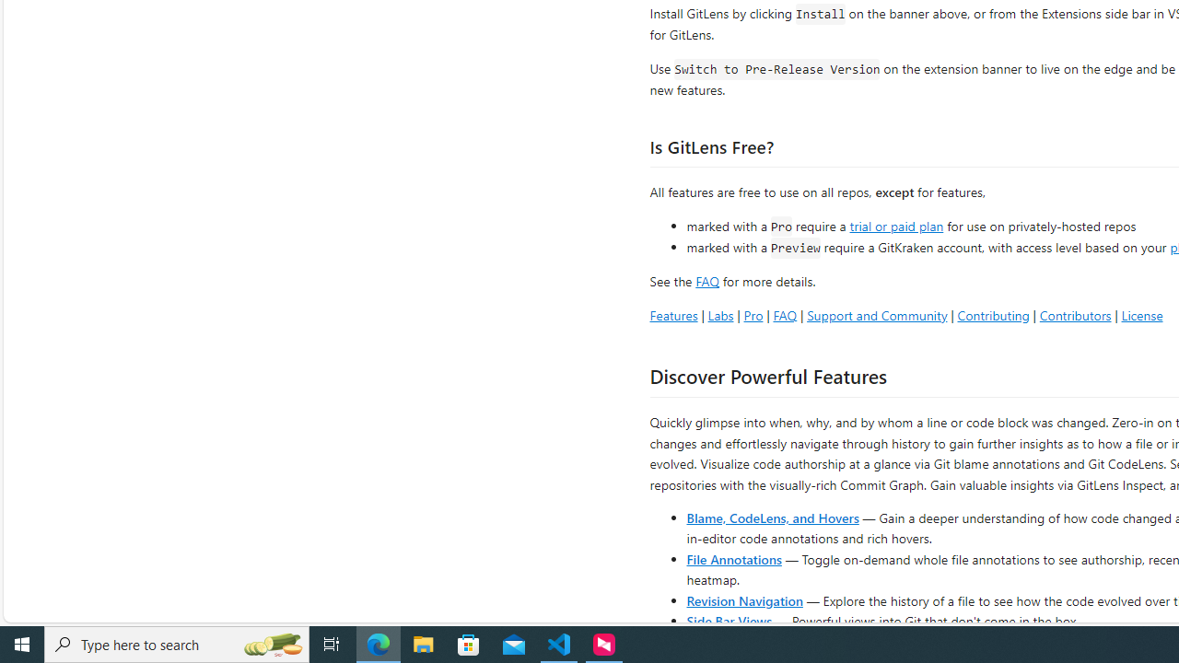 The image size is (1179, 663). Describe the element at coordinates (876, 314) in the screenshot. I see `'Support and Community'` at that location.